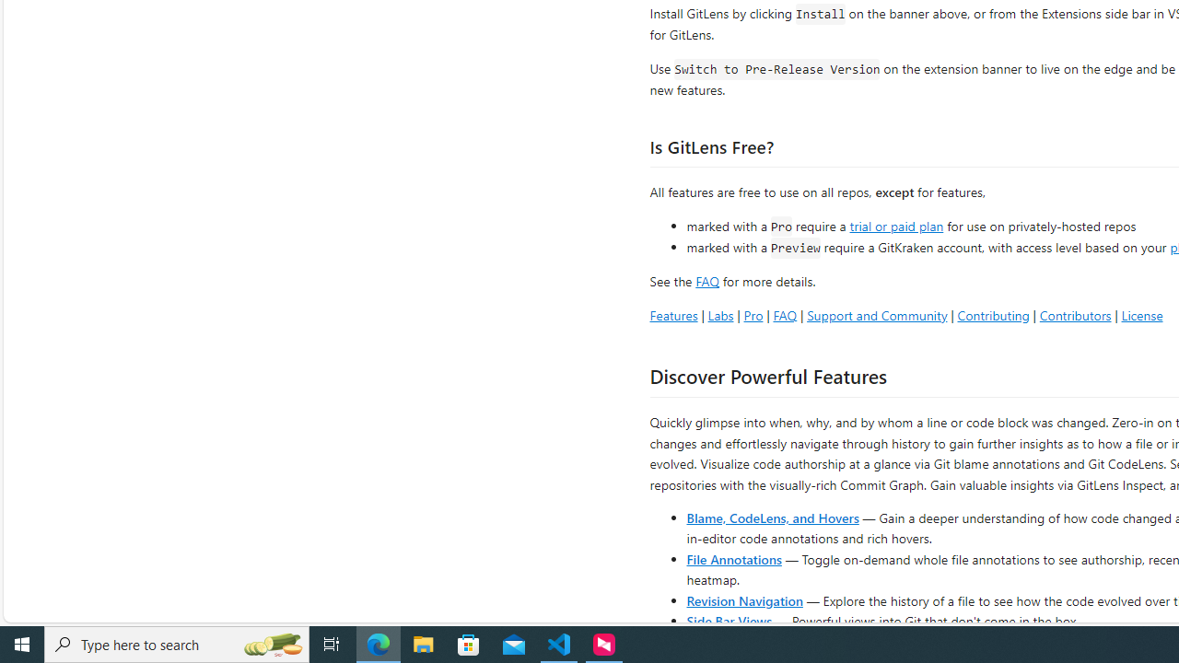 The image size is (1179, 663). Describe the element at coordinates (876, 314) in the screenshot. I see `'Support and Community'` at that location.